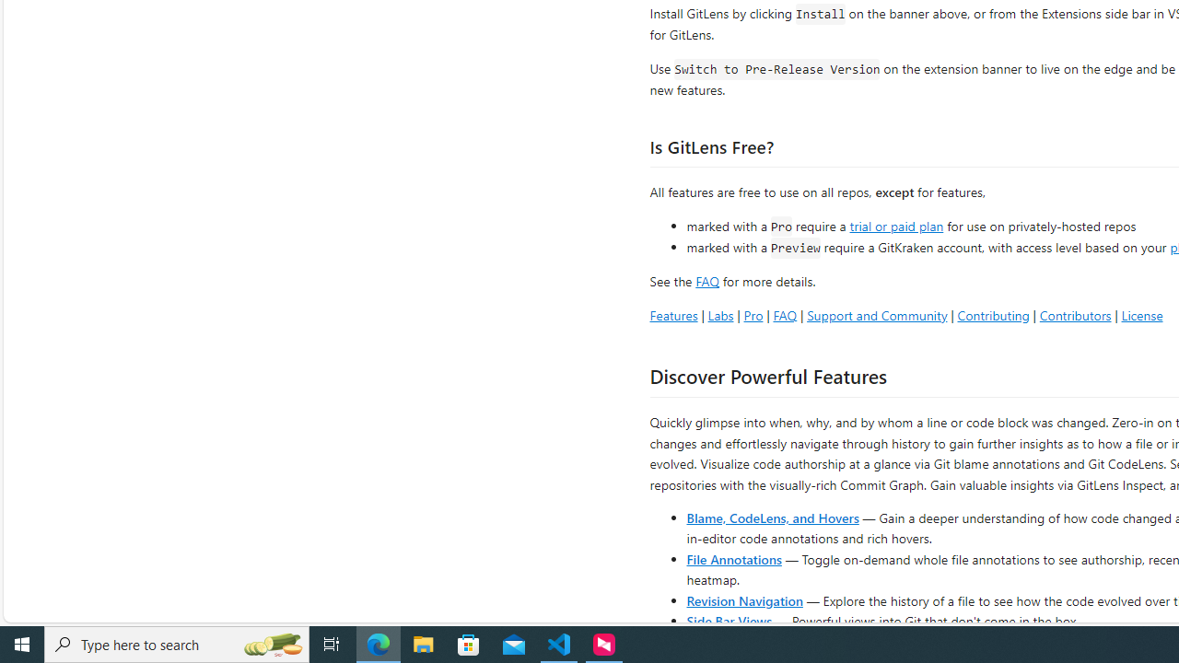 The image size is (1179, 663). Describe the element at coordinates (876, 314) in the screenshot. I see `'Support and Community'` at that location.